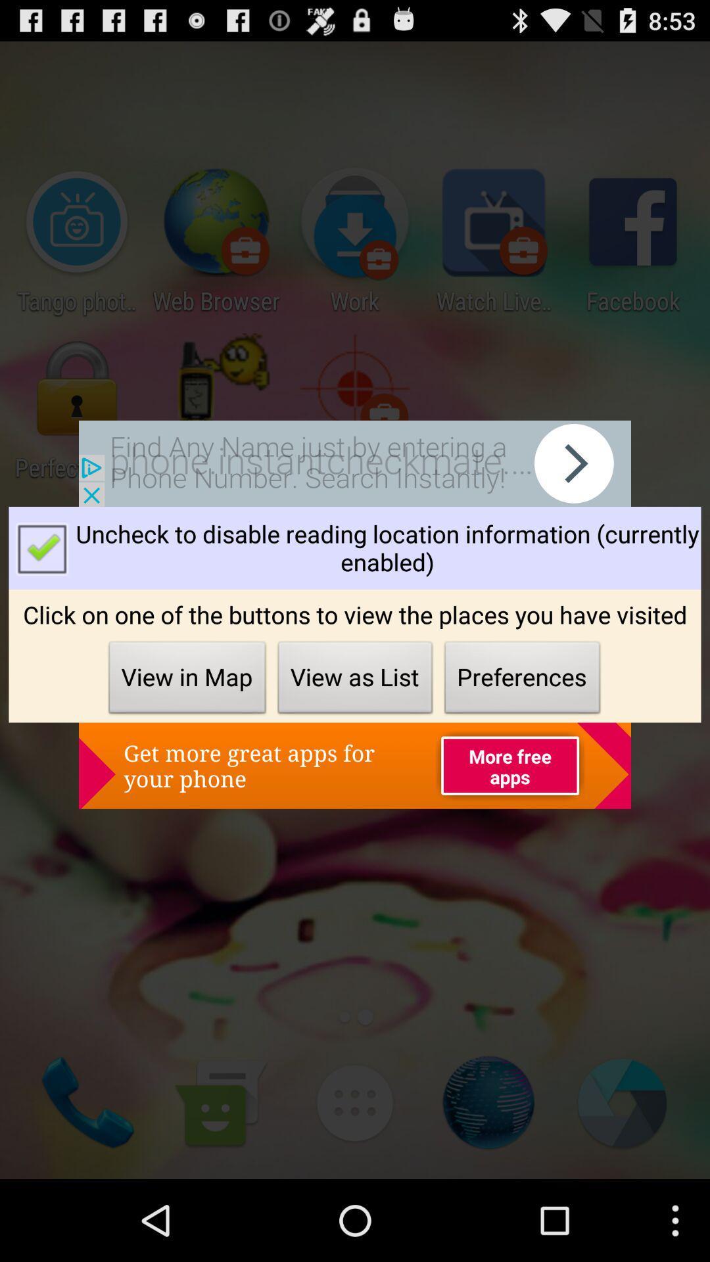  I want to click on shows the advertisement tab, so click(355, 463).